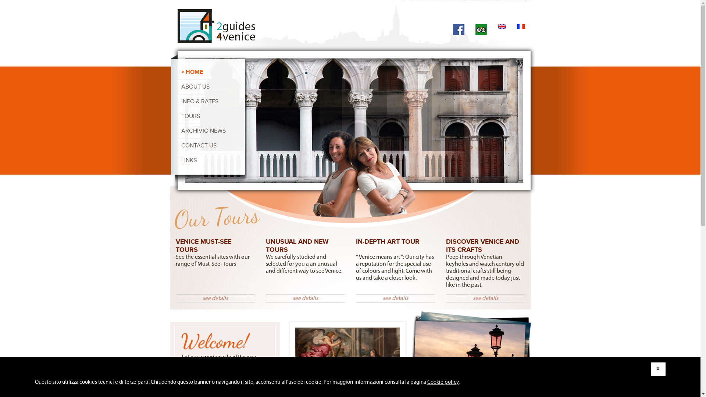 The image size is (706, 397). Describe the element at coordinates (189, 160) in the screenshot. I see `'LINKS'` at that location.